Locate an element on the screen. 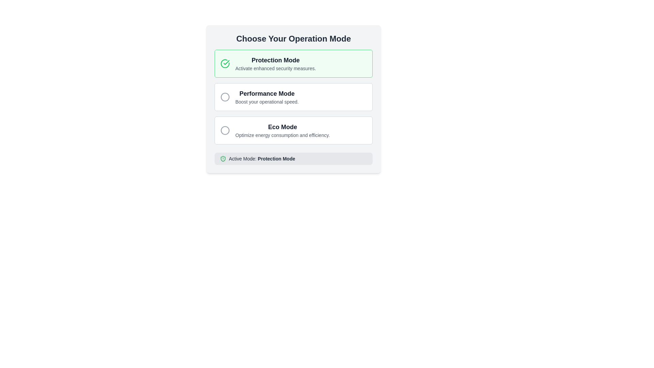 The image size is (654, 368). the checkmark icon indicating that the 'Protection Mode' option is currently active, located to the left of the text 'Protection Mode' near the top segment of the active selection box is located at coordinates (227, 62).